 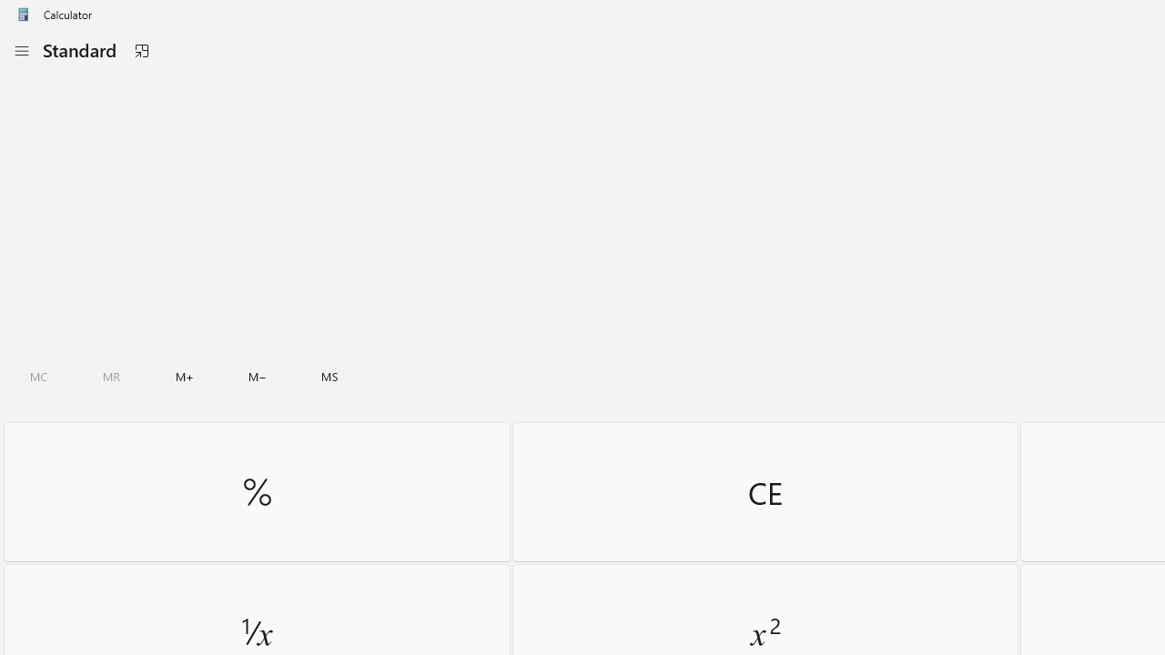 What do you see at coordinates (257, 376) in the screenshot?
I see `'Memory subtract'` at bounding box center [257, 376].